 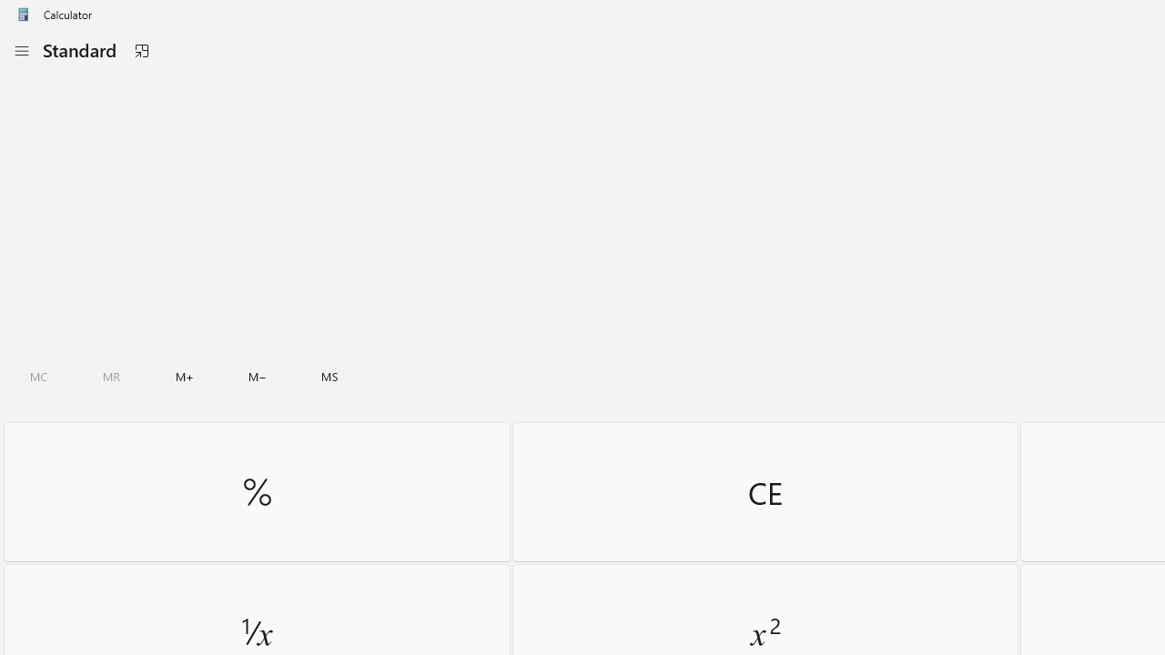 What do you see at coordinates (257, 376) in the screenshot?
I see `'Memory subtract'` at bounding box center [257, 376].